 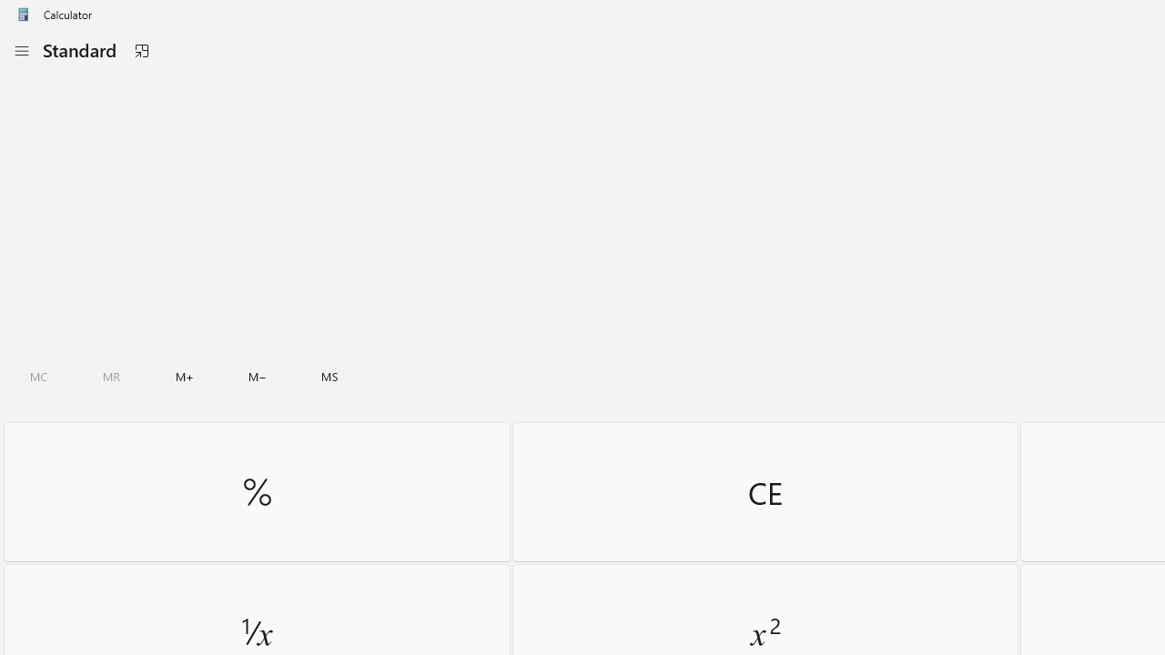 What do you see at coordinates (257, 376) in the screenshot?
I see `'Memory subtract'` at bounding box center [257, 376].